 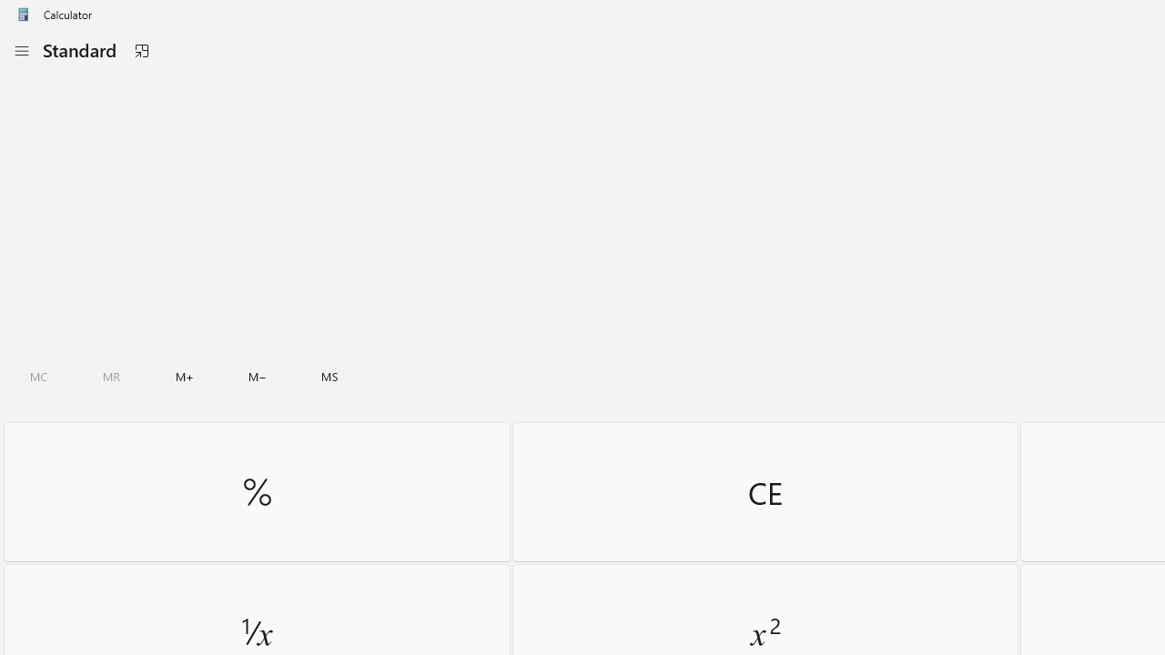 What do you see at coordinates (257, 376) in the screenshot?
I see `'Memory subtract'` at bounding box center [257, 376].